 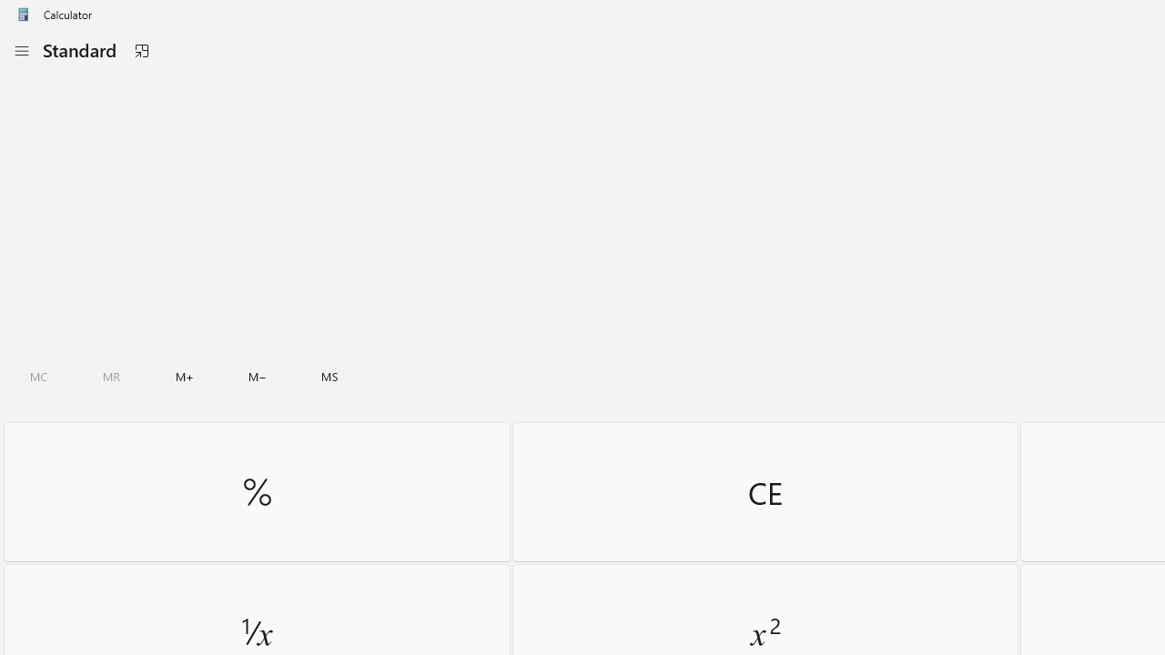 What do you see at coordinates (257, 376) in the screenshot?
I see `'Memory subtract'` at bounding box center [257, 376].